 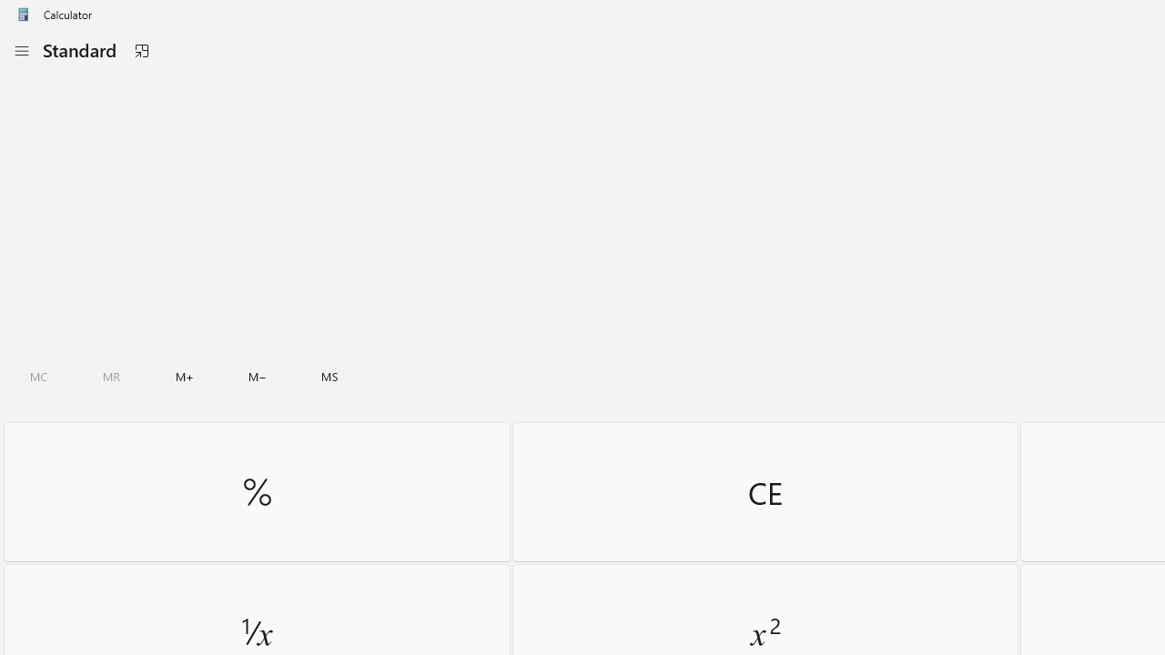 What do you see at coordinates (257, 376) in the screenshot?
I see `'Memory subtract'` at bounding box center [257, 376].